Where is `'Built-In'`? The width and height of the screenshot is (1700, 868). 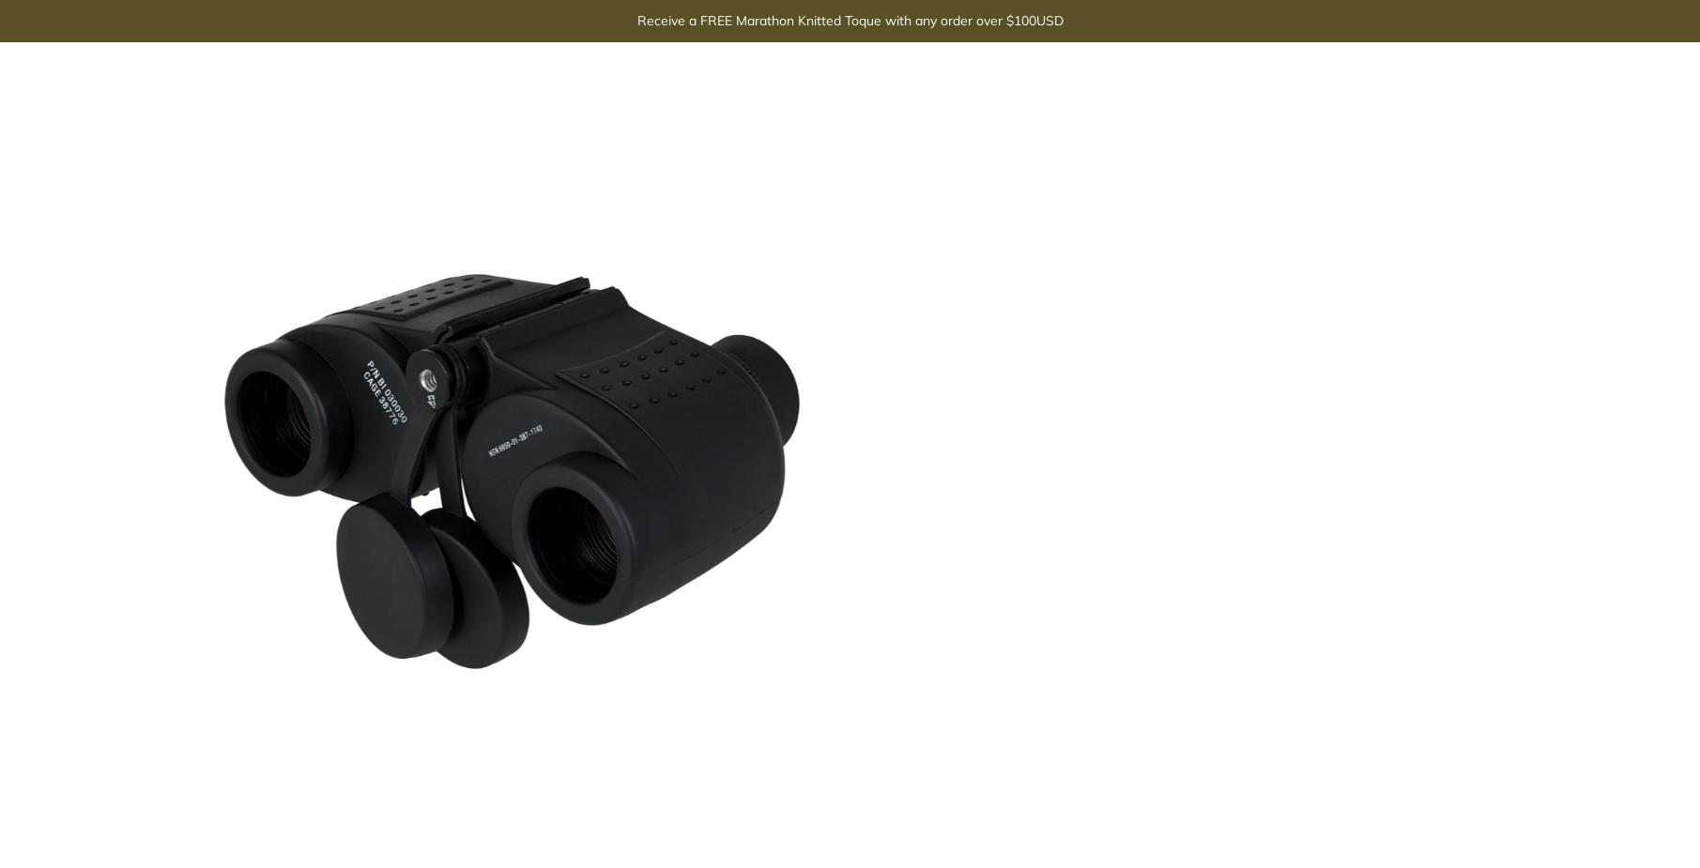 'Built-In' is located at coordinates (1132, 214).